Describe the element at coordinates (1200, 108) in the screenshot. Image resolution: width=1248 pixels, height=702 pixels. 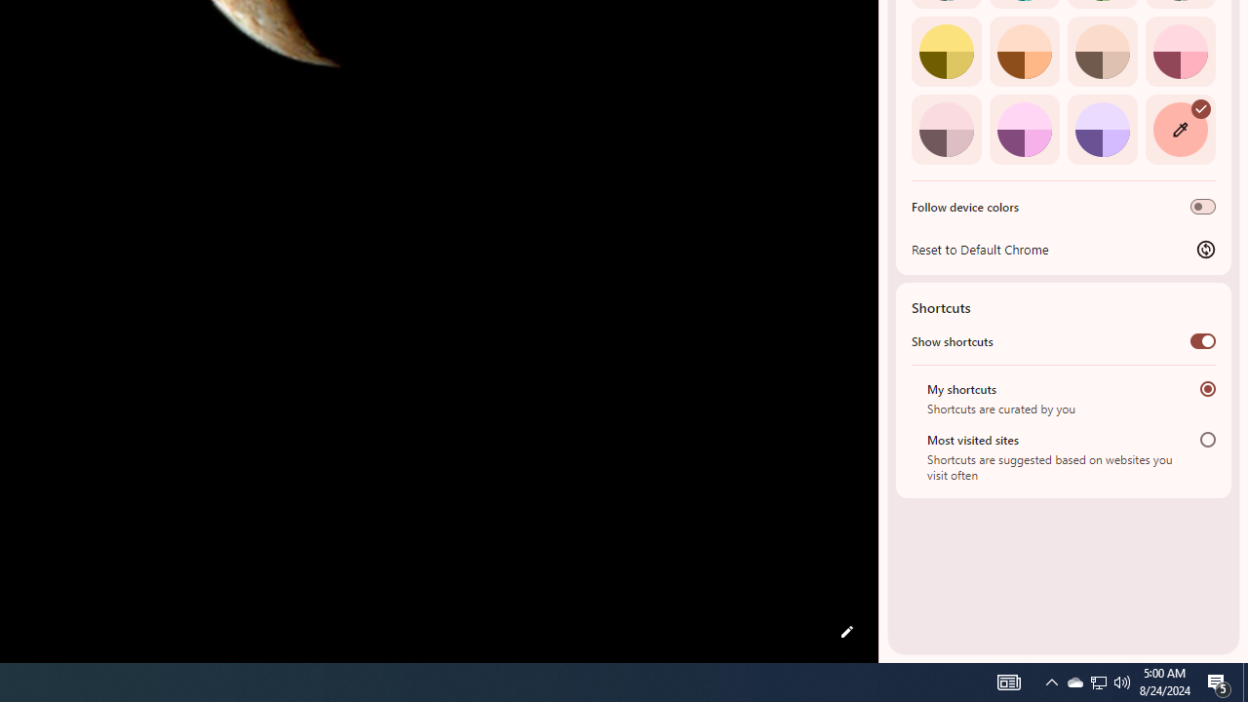
I see `'AutomationID: svg'` at that location.